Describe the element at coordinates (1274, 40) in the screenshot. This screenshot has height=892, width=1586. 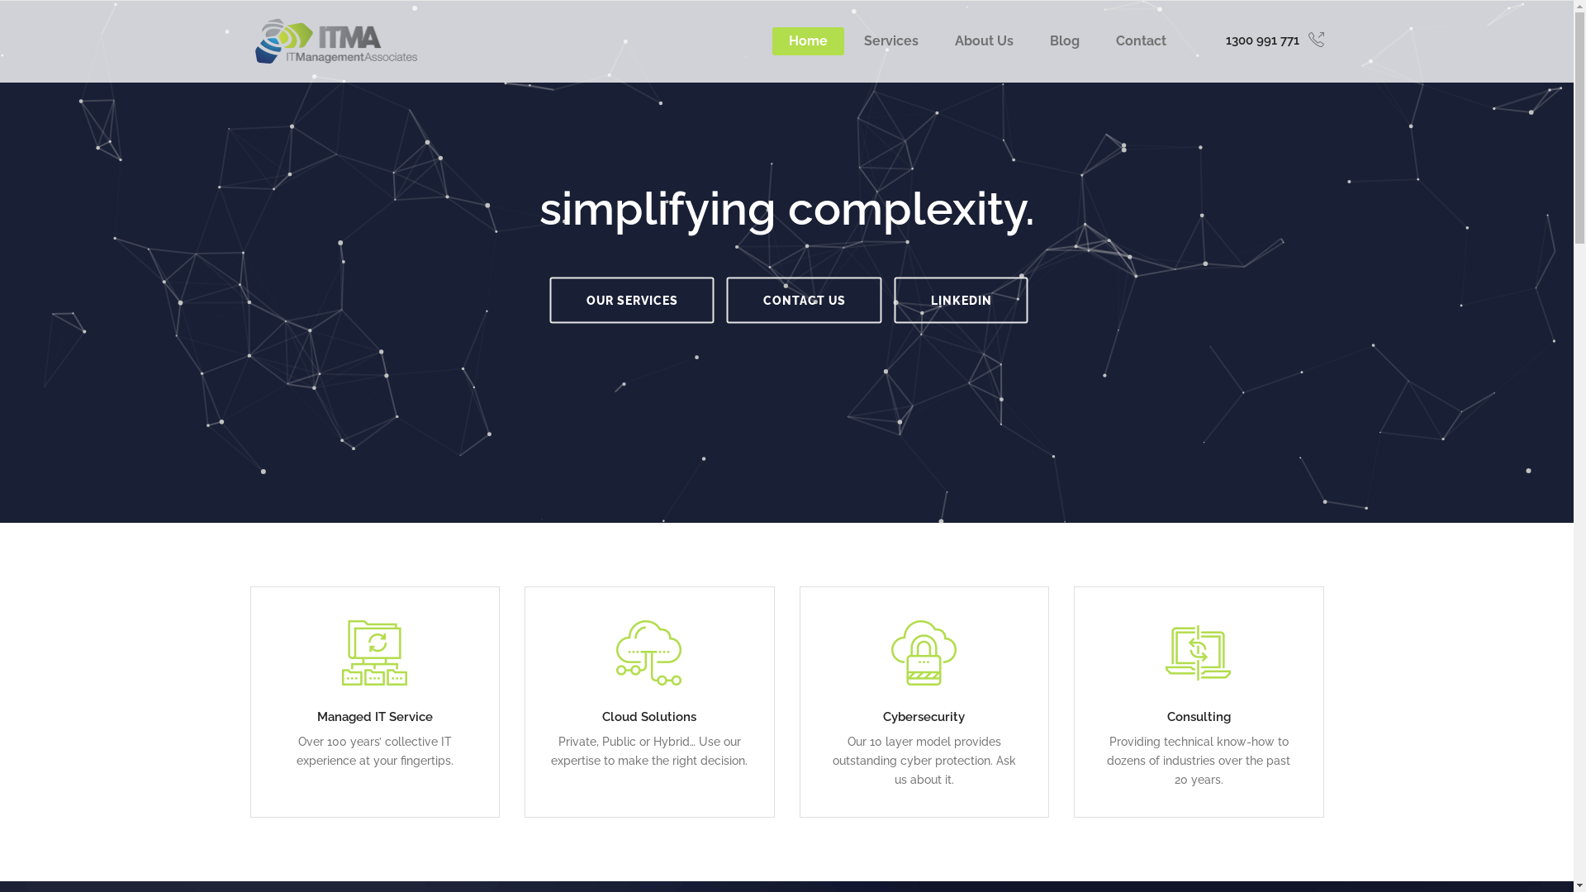
I see `'1300 991 771'` at that location.